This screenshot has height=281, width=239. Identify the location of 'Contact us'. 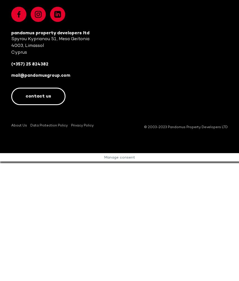
(38, 96).